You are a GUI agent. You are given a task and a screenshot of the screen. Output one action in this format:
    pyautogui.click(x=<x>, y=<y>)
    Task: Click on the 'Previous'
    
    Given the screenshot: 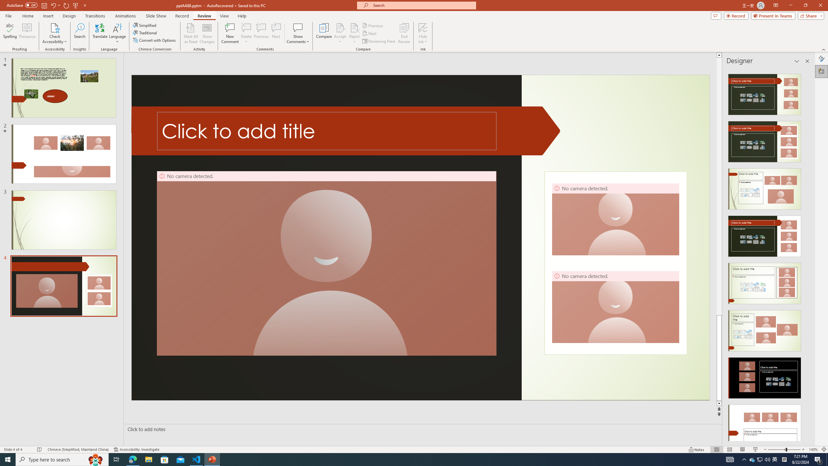 What is the action you would take?
    pyautogui.click(x=373, y=25)
    